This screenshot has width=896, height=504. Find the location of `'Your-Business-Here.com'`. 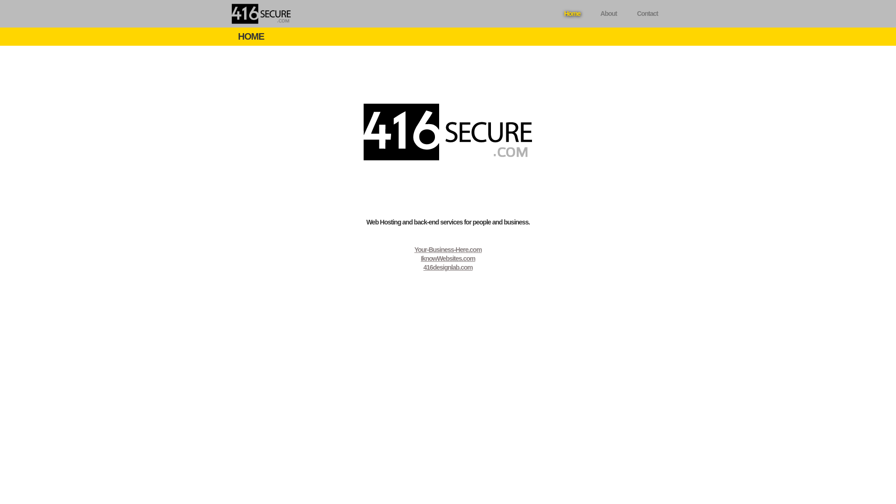

'Your-Business-Here.com' is located at coordinates (448, 249).